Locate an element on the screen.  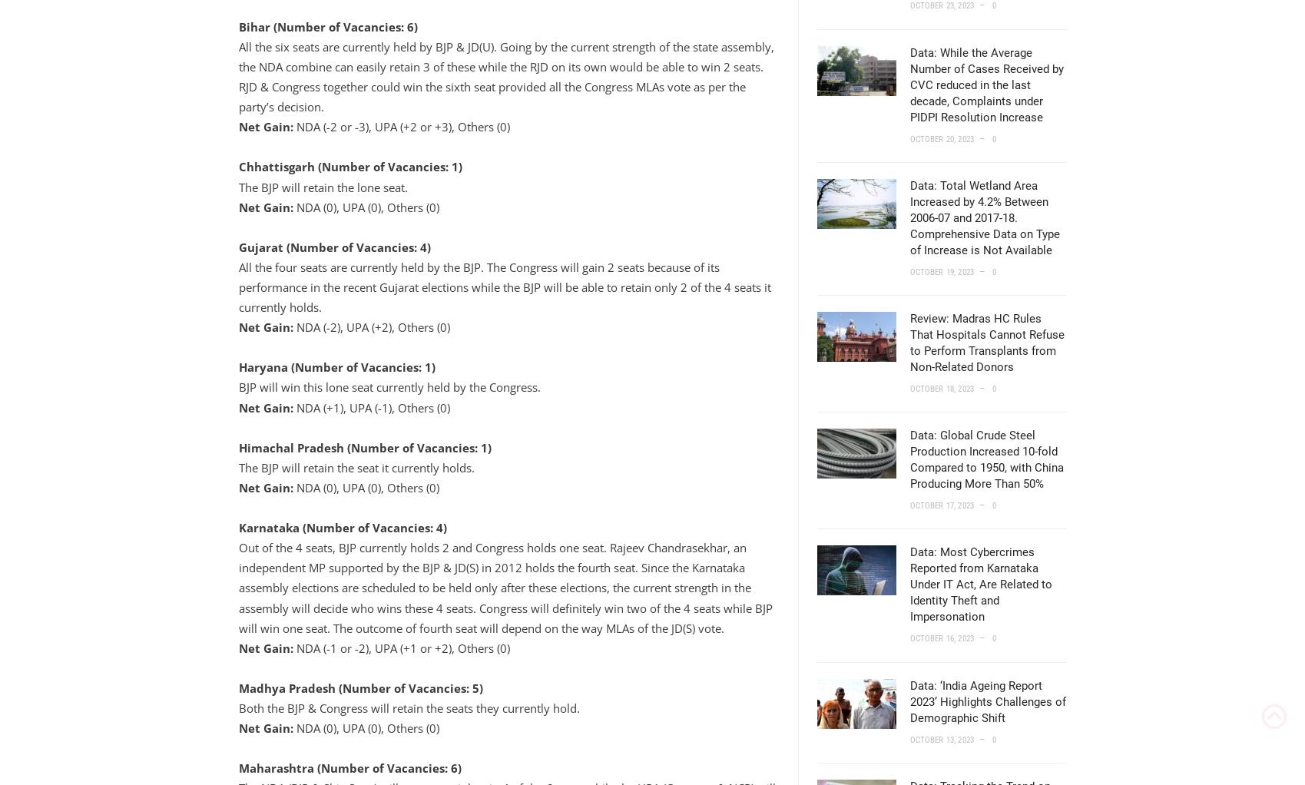
'Madhya Pradesh (Number of Vacancies: 5)' is located at coordinates (359, 686).